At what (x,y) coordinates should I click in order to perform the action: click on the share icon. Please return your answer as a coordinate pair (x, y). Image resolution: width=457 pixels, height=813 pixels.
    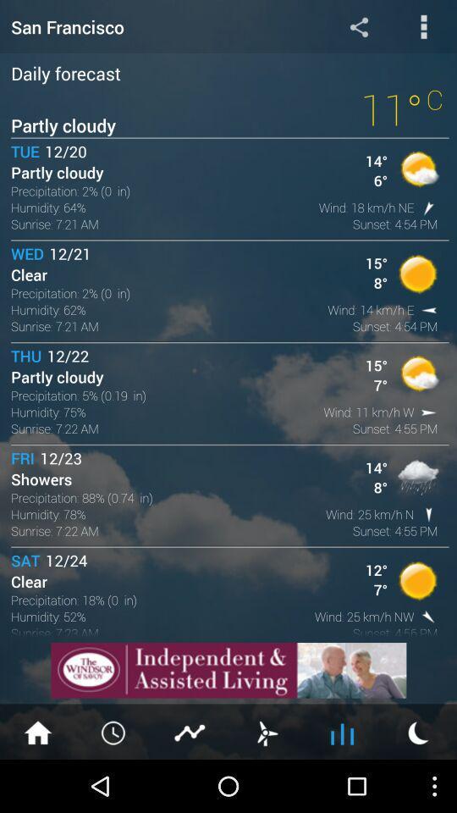
    Looking at the image, I should click on (358, 28).